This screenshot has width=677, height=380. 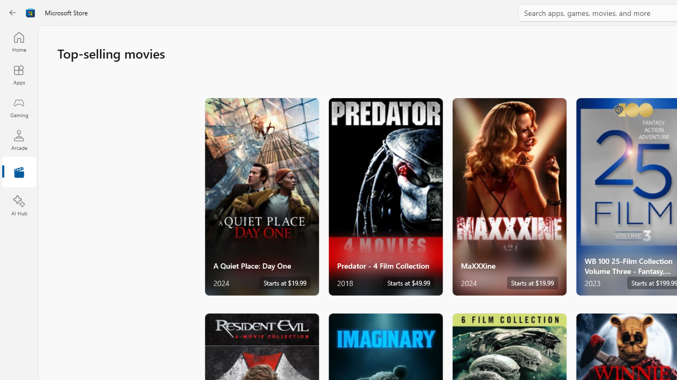 What do you see at coordinates (19, 206) in the screenshot?
I see `'AI Hub'` at bounding box center [19, 206].